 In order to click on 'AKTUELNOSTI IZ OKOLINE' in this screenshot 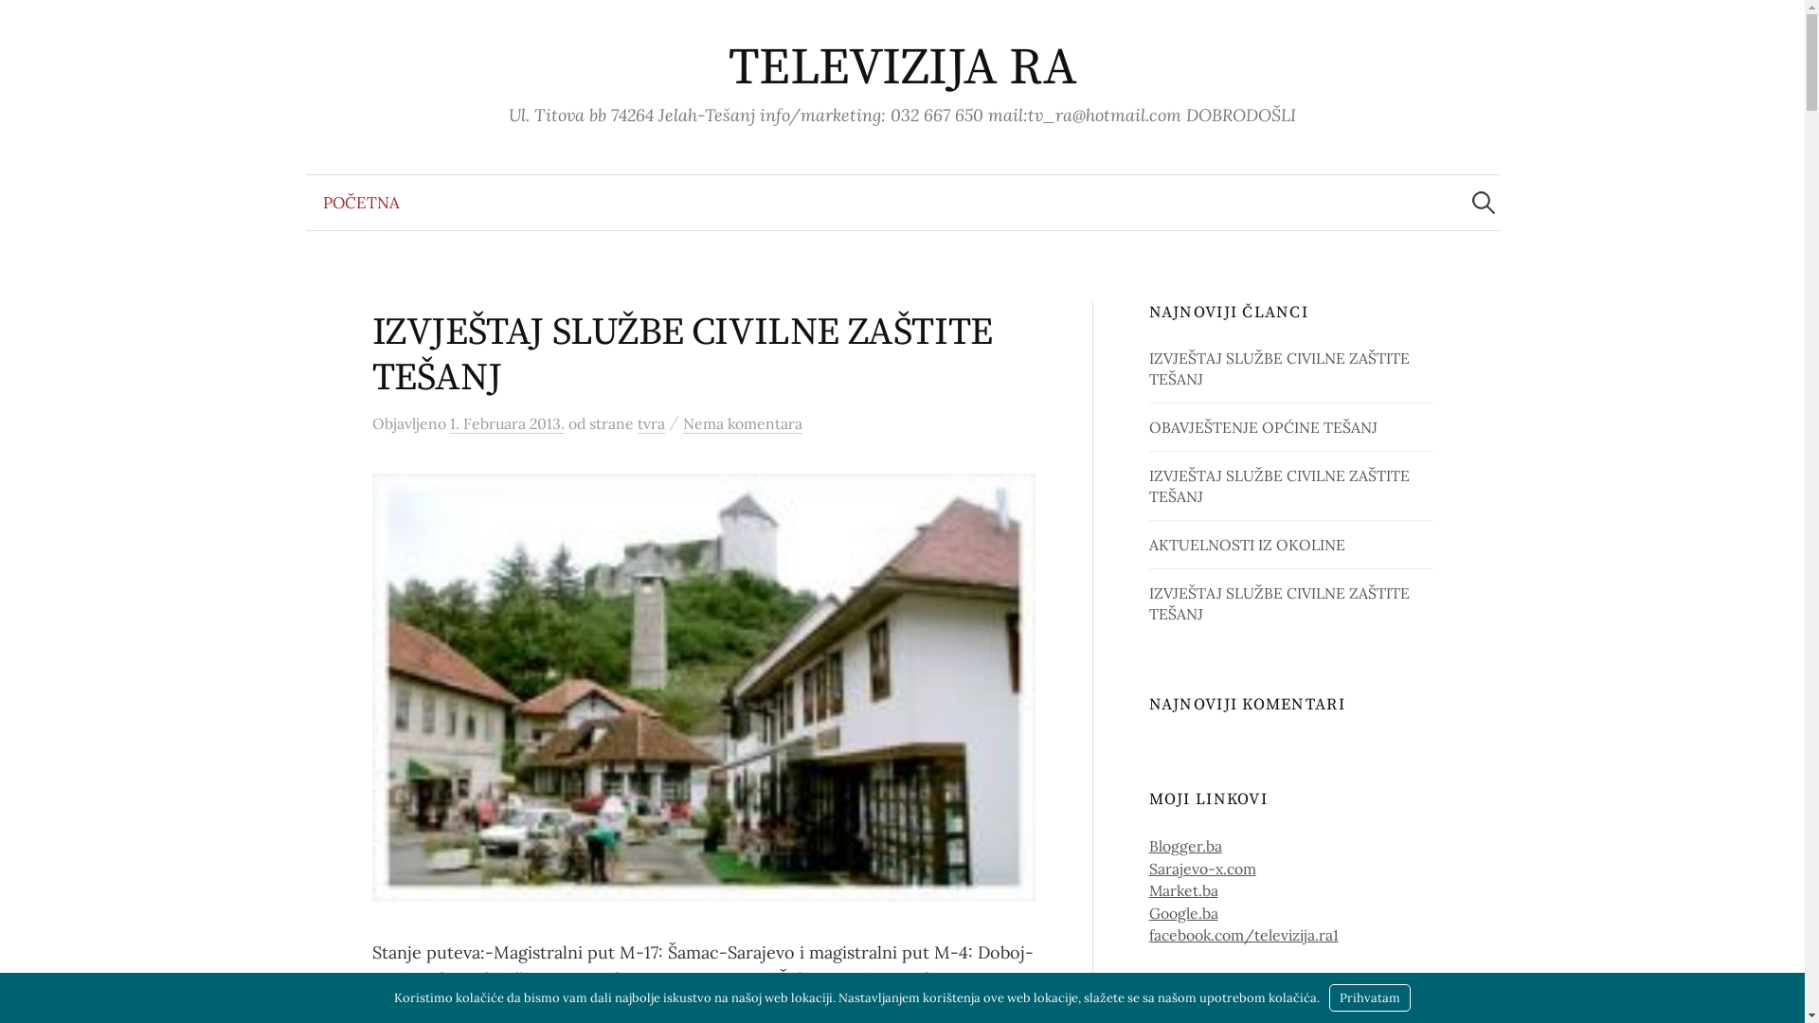, I will do `click(1247, 544)`.